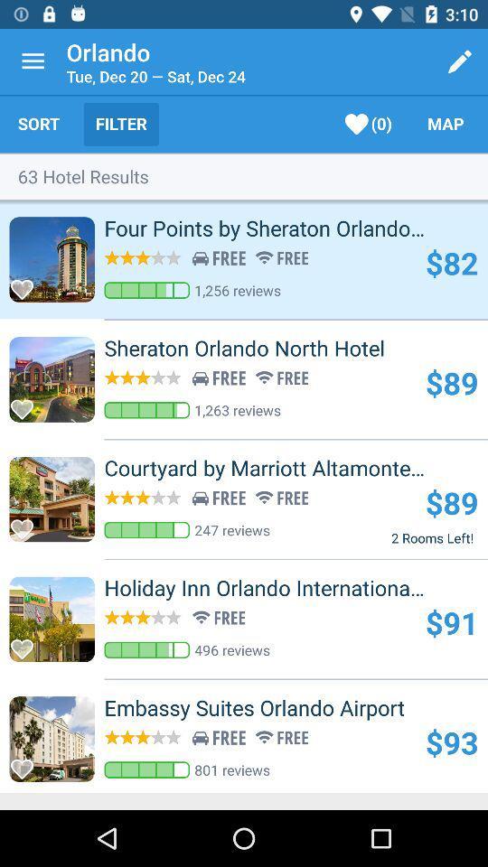 Image resolution: width=488 pixels, height=867 pixels. Describe the element at coordinates (26, 404) in the screenshot. I see `or like this option` at that location.